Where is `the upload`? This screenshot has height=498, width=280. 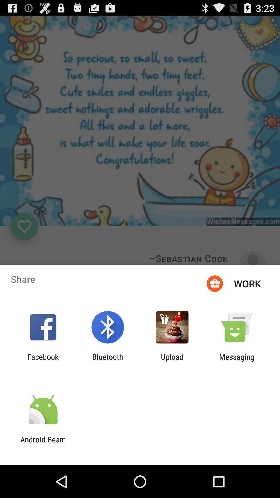
the upload is located at coordinates (172, 361).